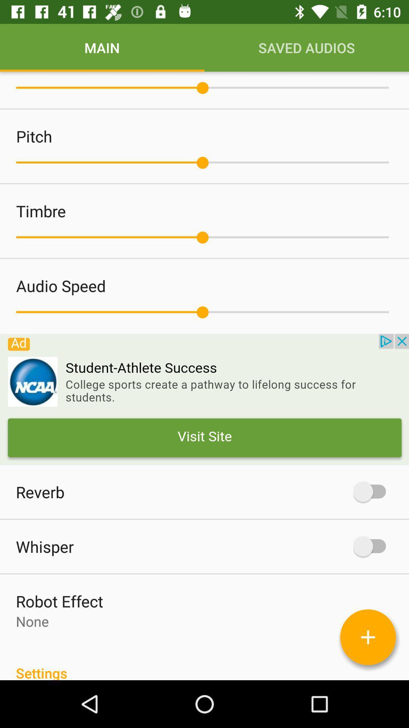 The image size is (409, 728). I want to click on click on the advertisement, so click(204, 399).